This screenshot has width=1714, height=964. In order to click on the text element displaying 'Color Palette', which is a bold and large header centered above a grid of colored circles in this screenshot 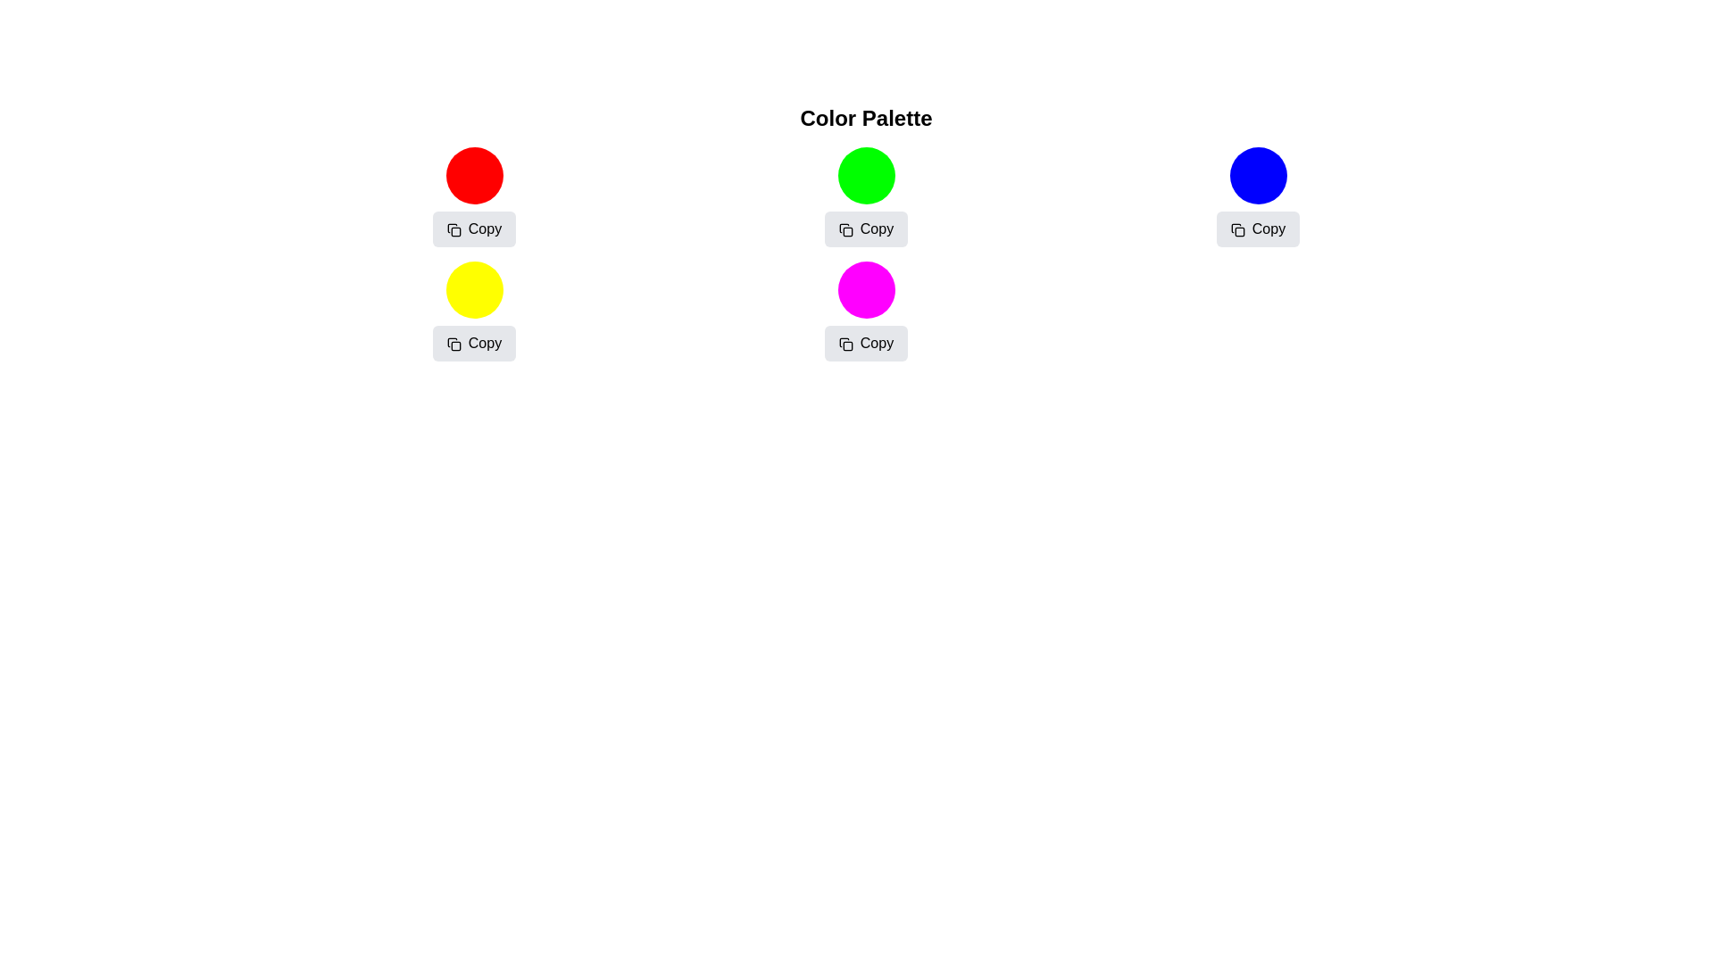, I will do `click(866, 118)`.